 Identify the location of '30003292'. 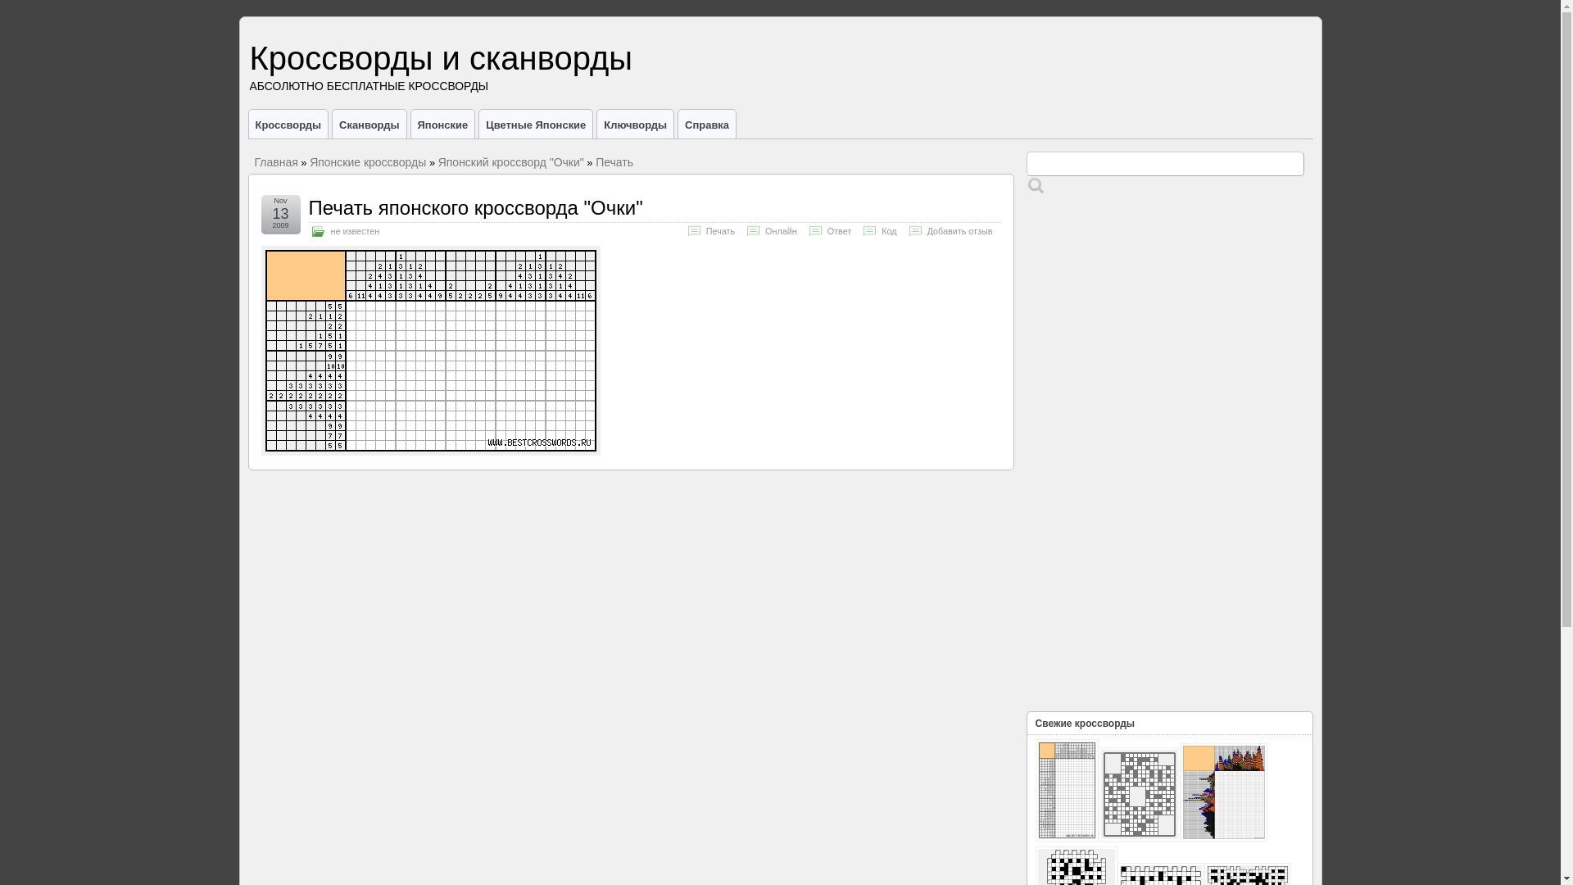
(1138, 793).